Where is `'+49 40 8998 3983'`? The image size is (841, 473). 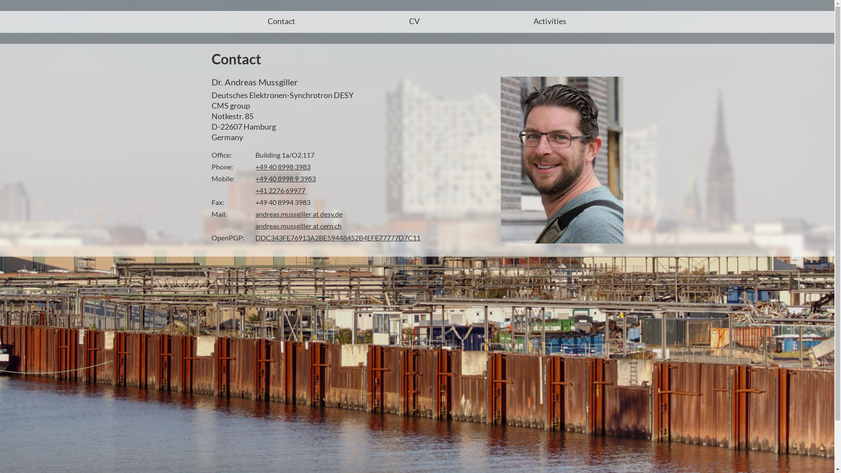
'+49 40 8998 3983' is located at coordinates (282, 166).